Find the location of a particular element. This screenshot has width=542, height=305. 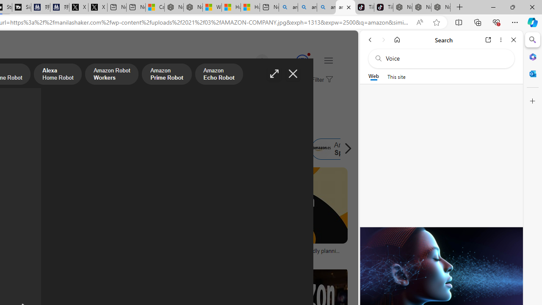

'Nordace - Siena Pro 15 Essential Set' is located at coordinates (440, 7).